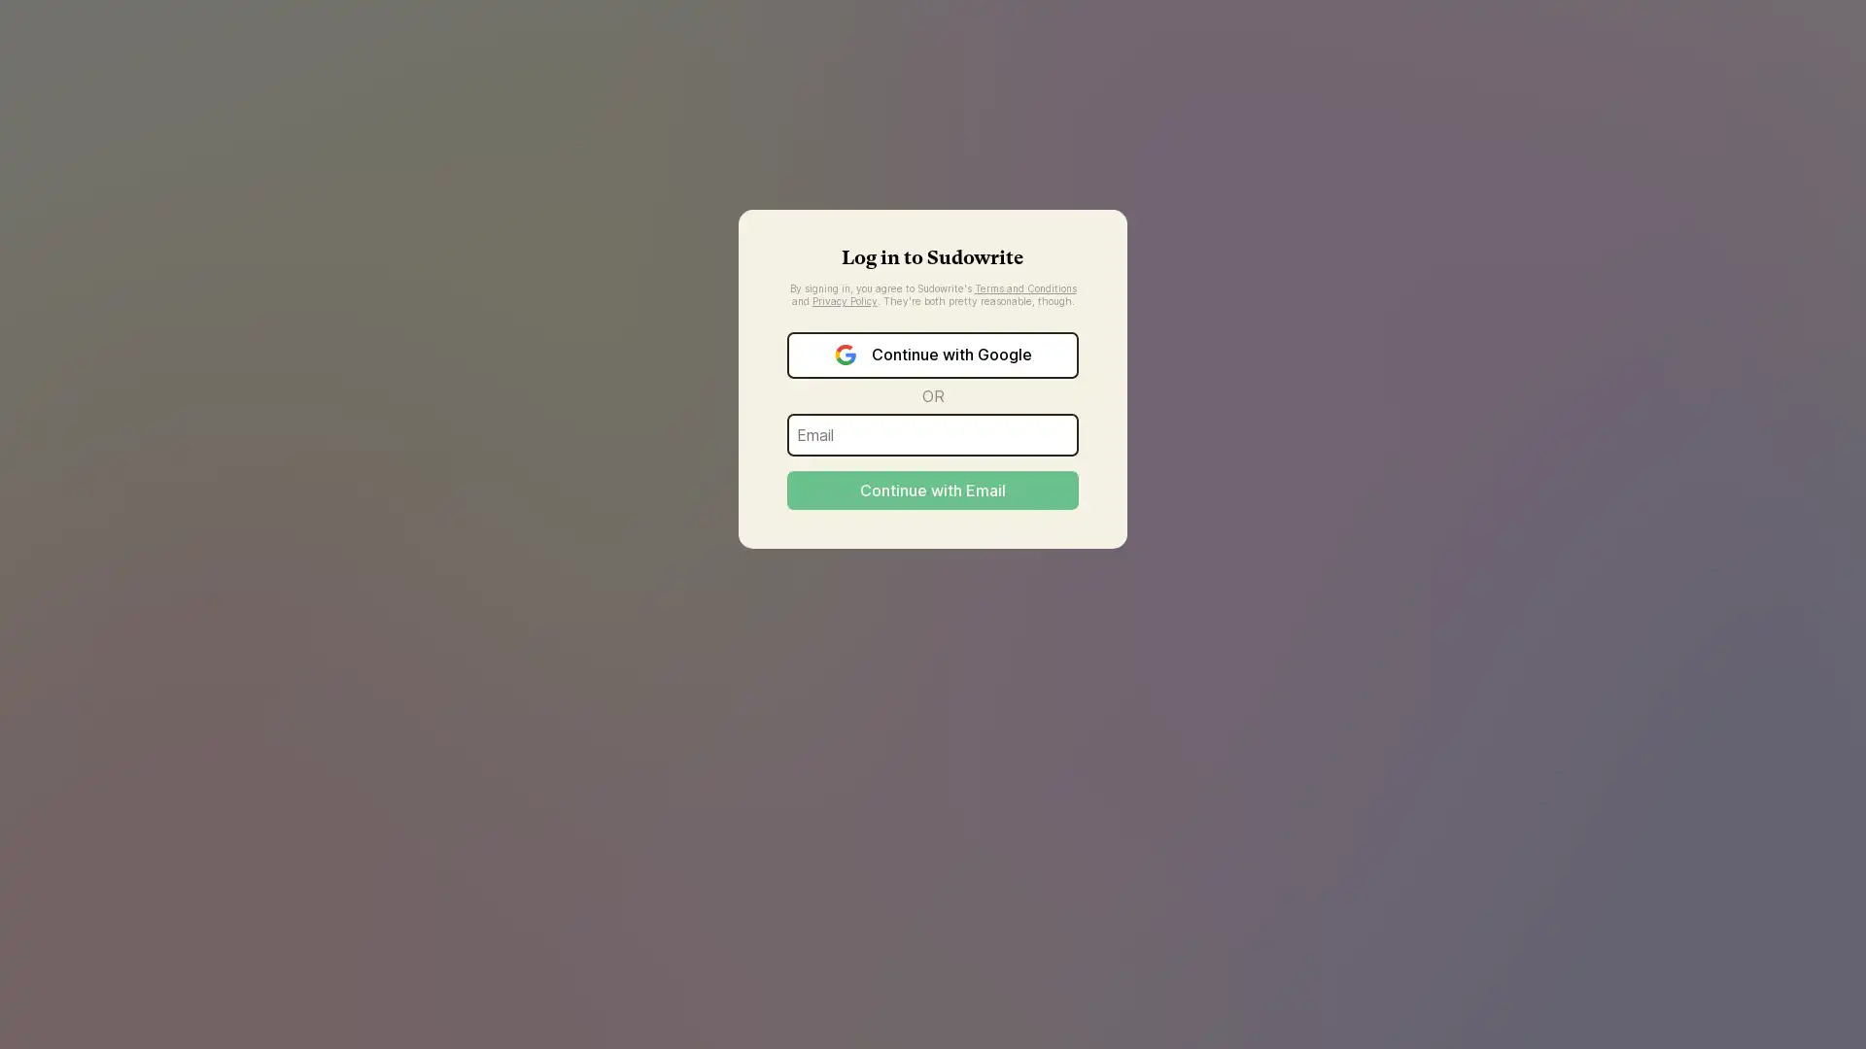 Image resolution: width=1866 pixels, height=1049 pixels. What do you see at coordinates (933, 489) in the screenshot?
I see `Continue with Email` at bounding box center [933, 489].